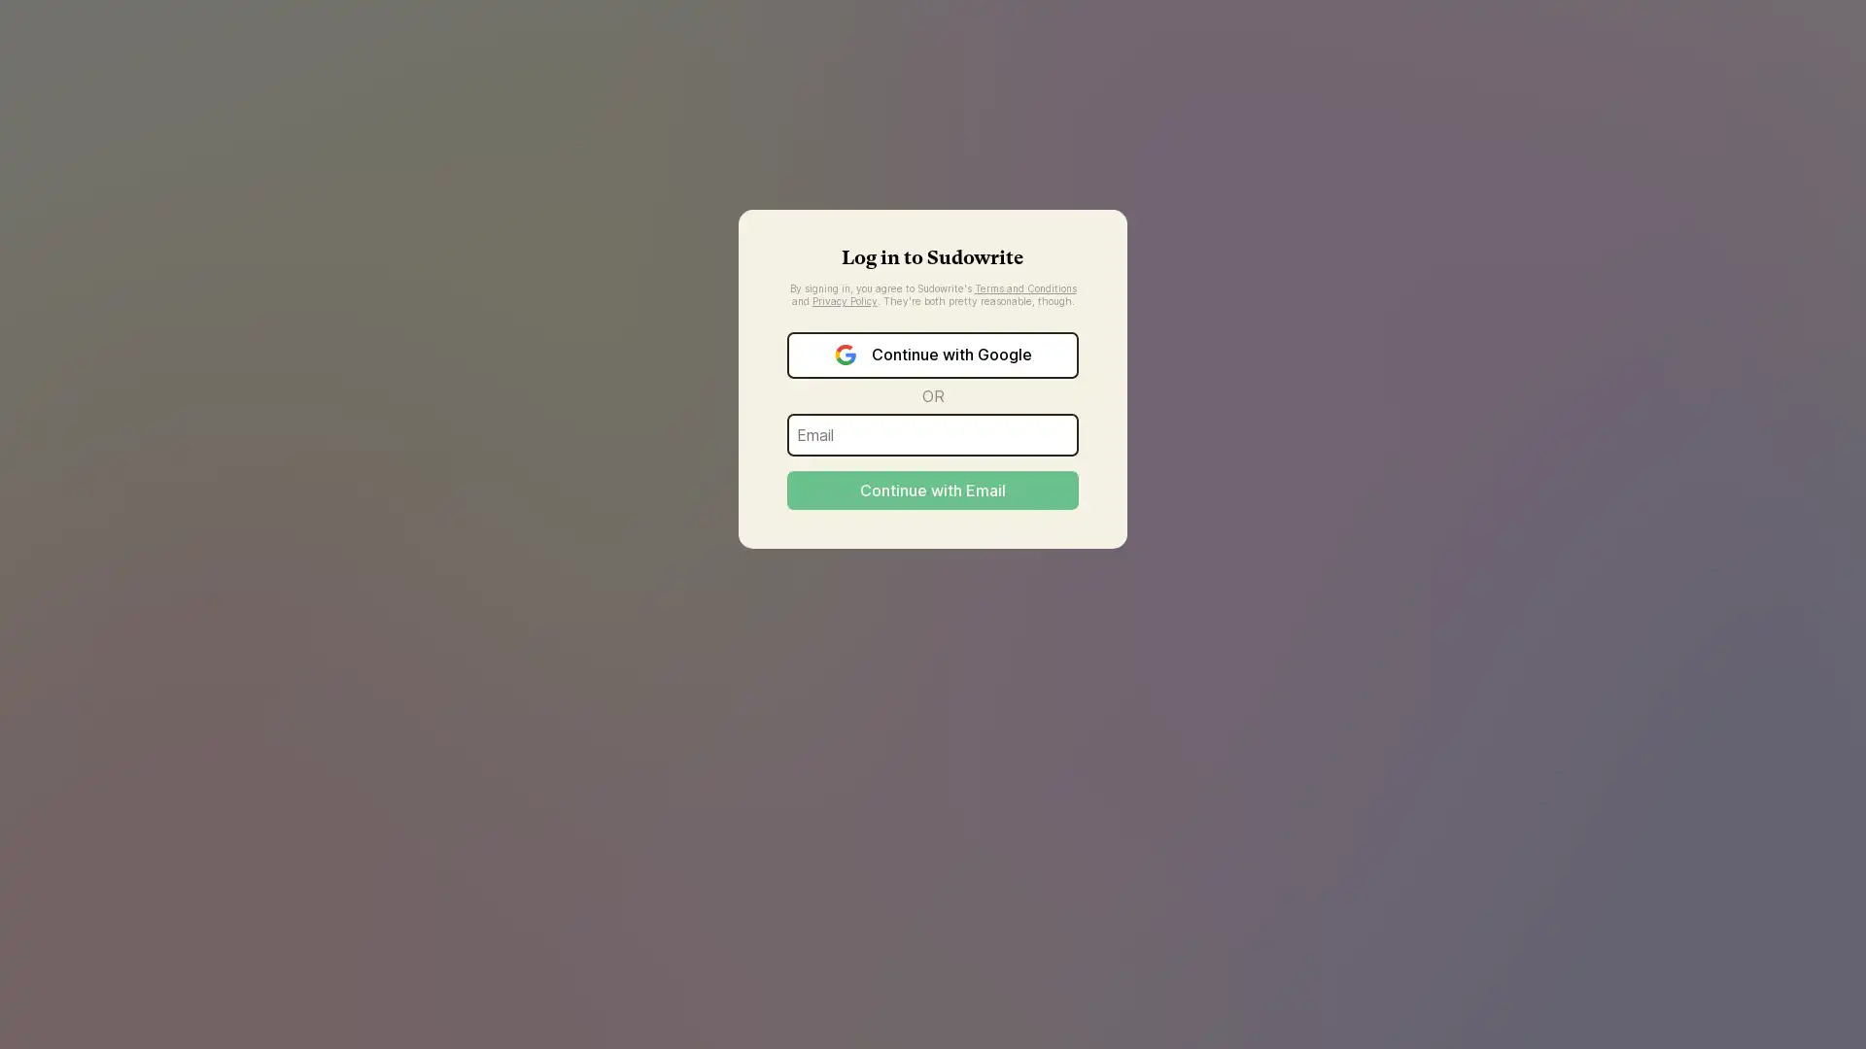 Image resolution: width=1866 pixels, height=1049 pixels. What do you see at coordinates (933, 489) in the screenshot?
I see `Continue with Email` at bounding box center [933, 489].